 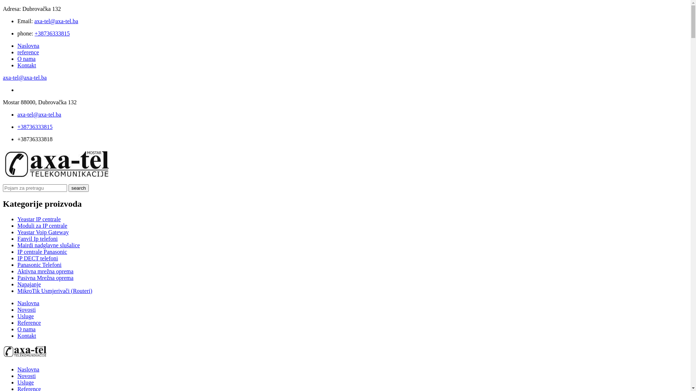 What do you see at coordinates (17, 303) in the screenshot?
I see `'Naslovna'` at bounding box center [17, 303].